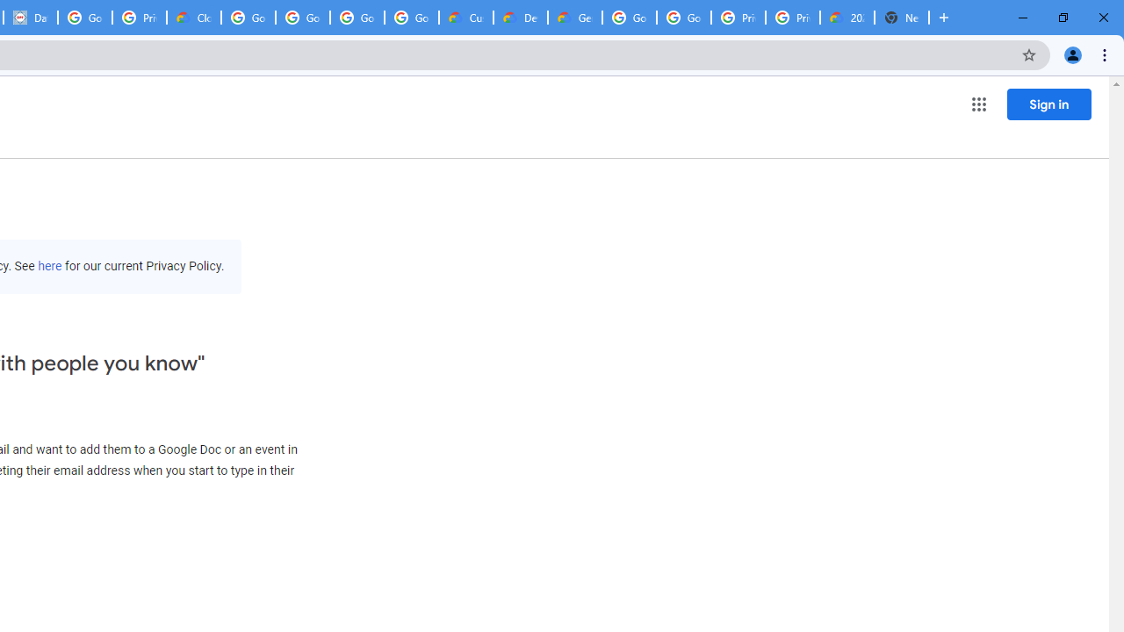 Image resolution: width=1124 pixels, height=632 pixels. What do you see at coordinates (411, 18) in the screenshot?
I see `'Google Workspace - Specific Terms'` at bounding box center [411, 18].